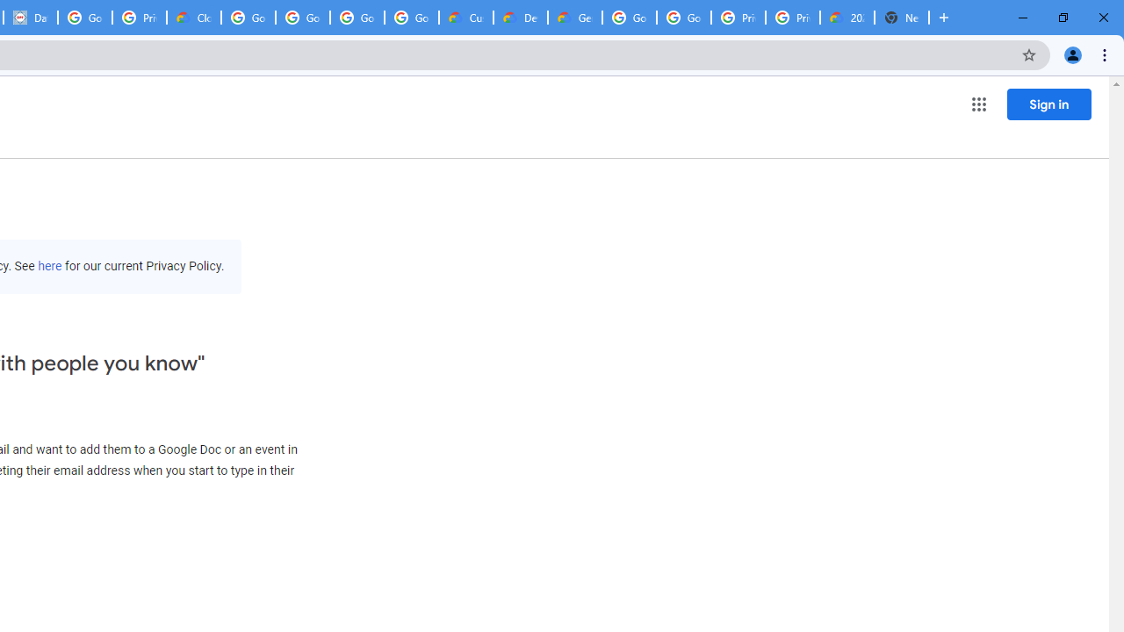 Image resolution: width=1124 pixels, height=632 pixels. What do you see at coordinates (411, 18) in the screenshot?
I see `'Google Workspace - Specific Terms'` at bounding box center [411, 18].